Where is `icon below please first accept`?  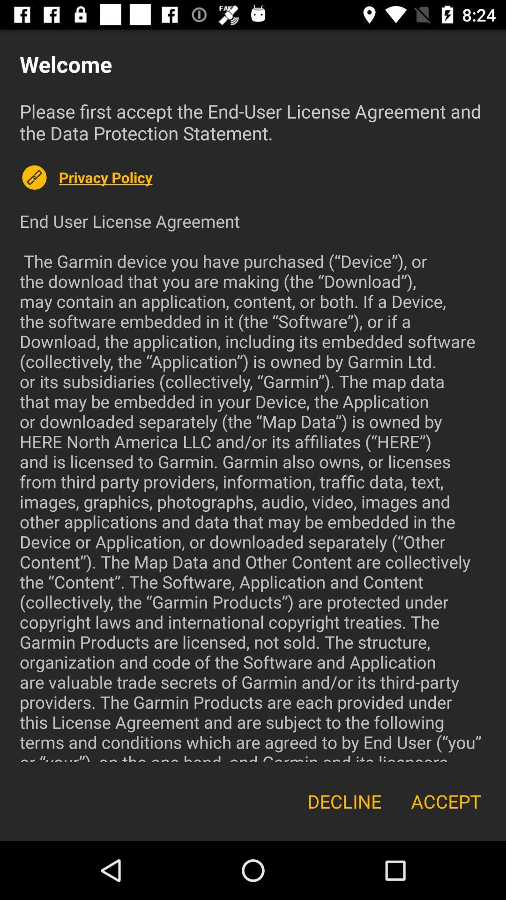 icon below please first accept is located at coordinates (273, 177).